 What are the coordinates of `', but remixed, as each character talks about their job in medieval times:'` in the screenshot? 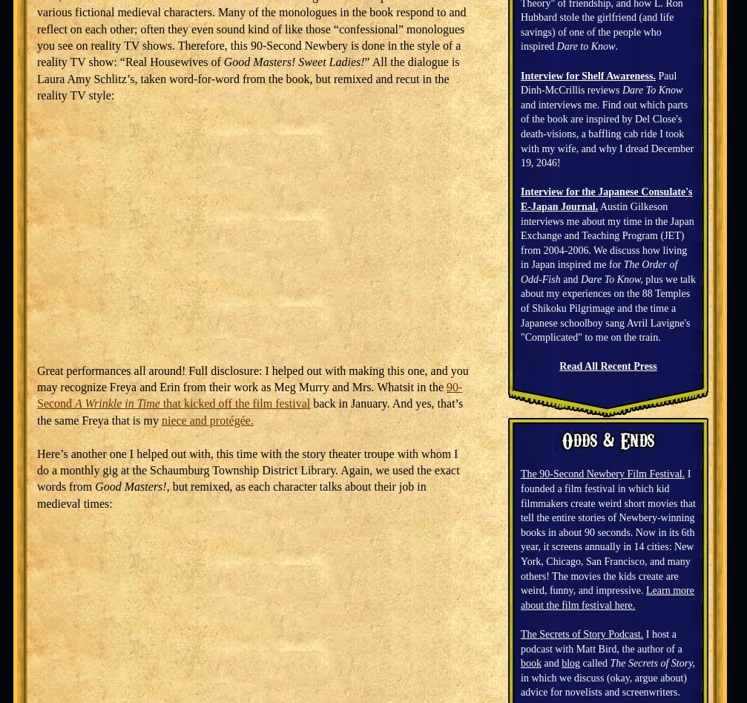 It's located at (231, 494).